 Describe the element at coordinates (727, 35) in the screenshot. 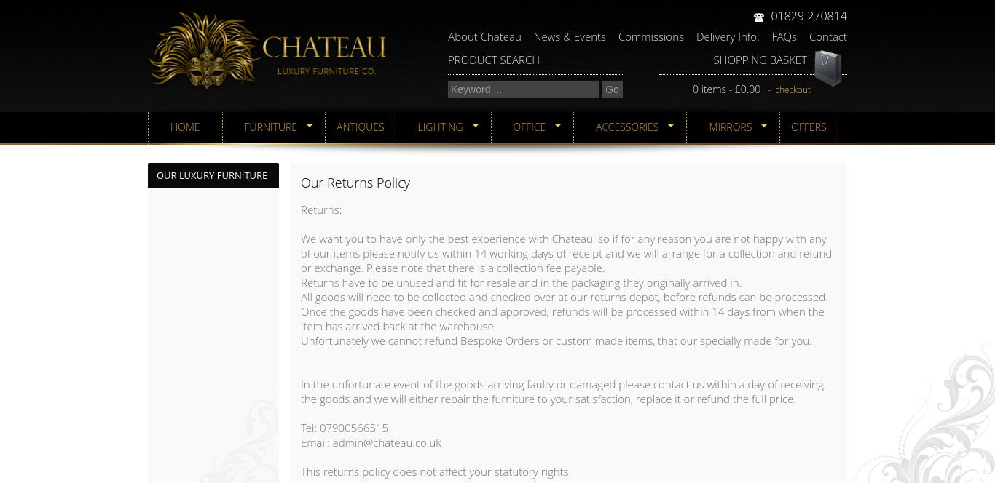

I see `'Delivery Info.'` at that location.